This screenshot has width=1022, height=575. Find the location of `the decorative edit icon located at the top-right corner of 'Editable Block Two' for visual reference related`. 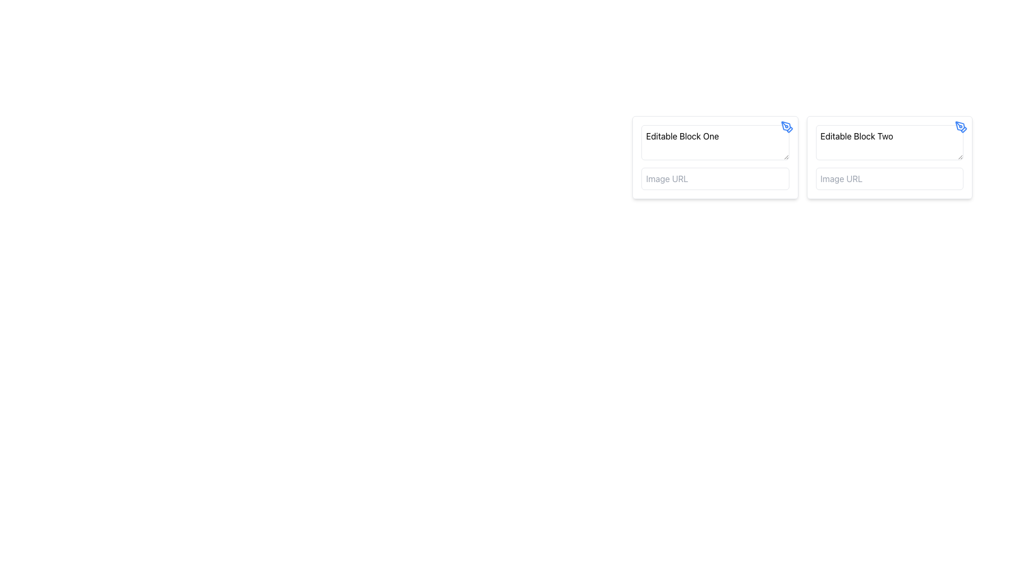

the decorative edit icon located at the top-right corner of 'Editable Block Two' for visual reference related is located at coordinates (961, 127).